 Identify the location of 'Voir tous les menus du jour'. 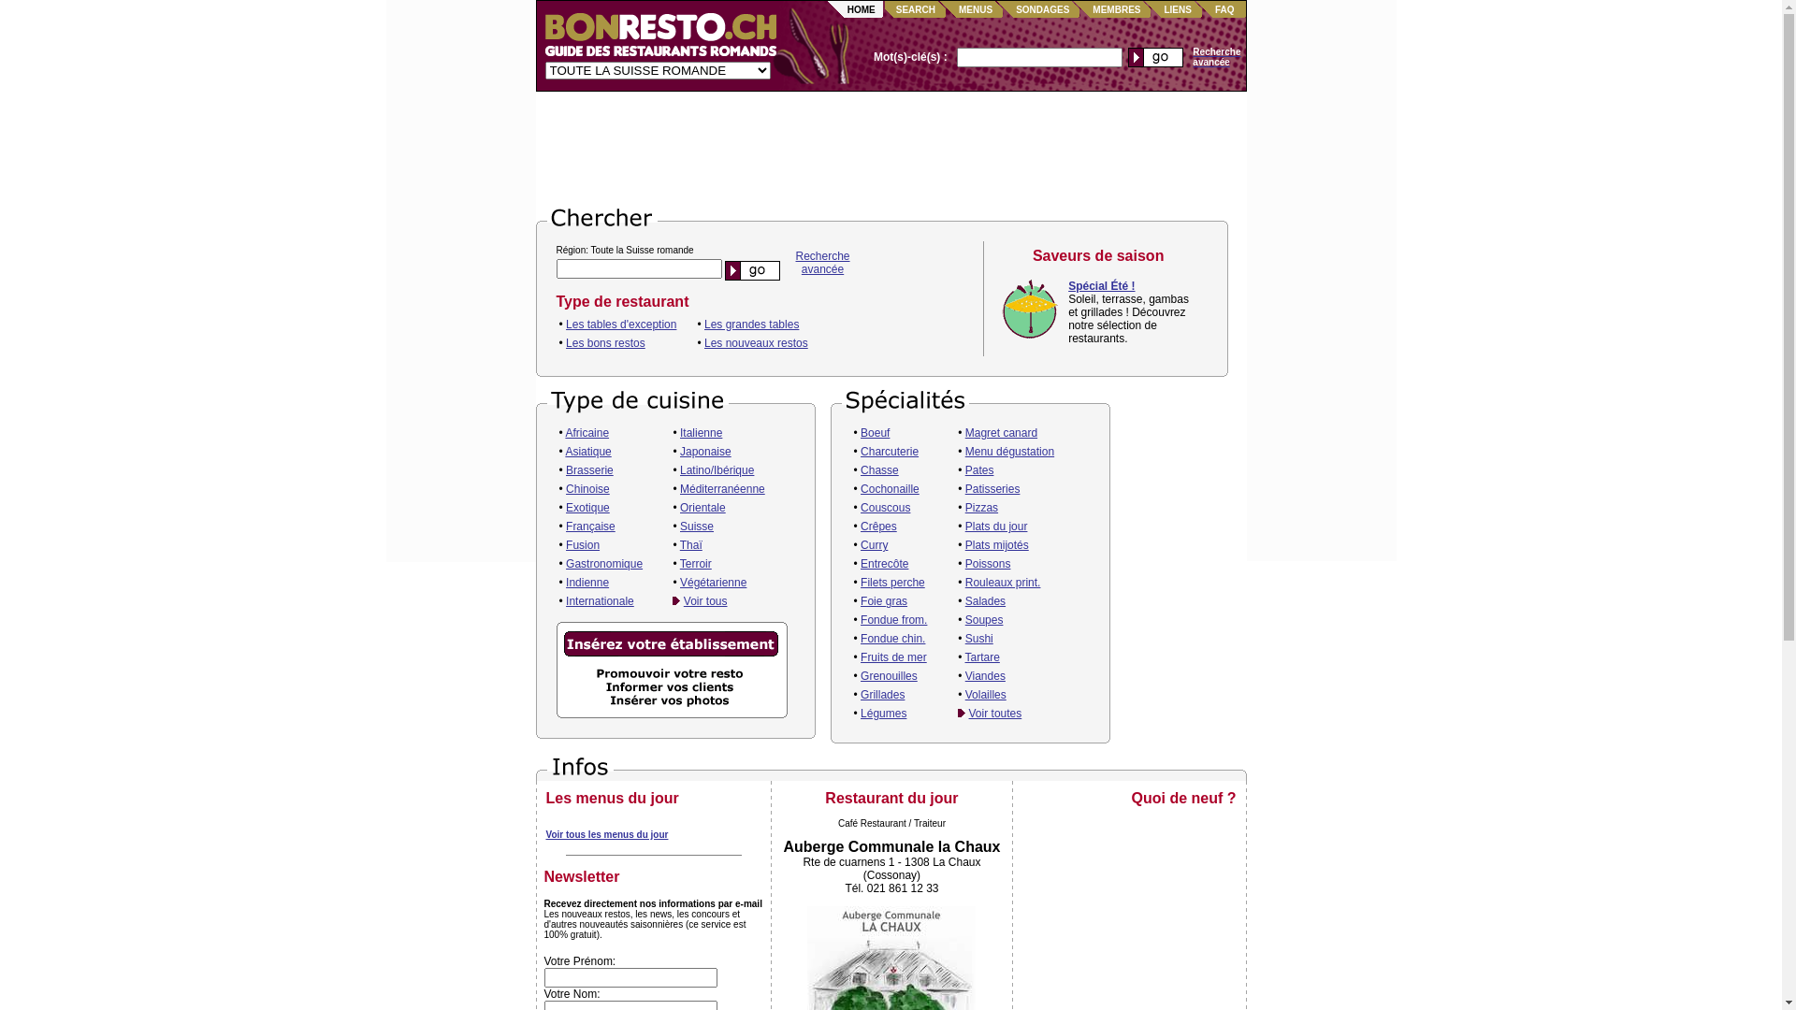
(545, 832).